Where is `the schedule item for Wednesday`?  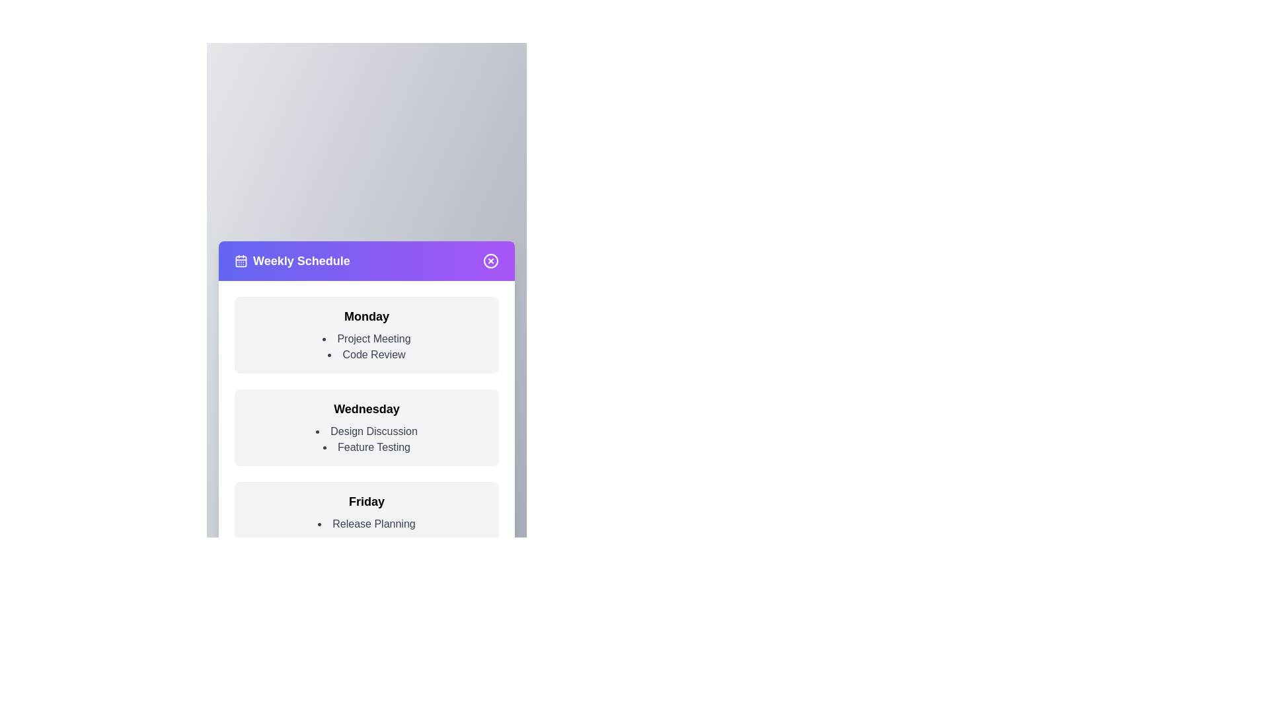
the schedule item for Wednesday is located at coordinates (367, 428).